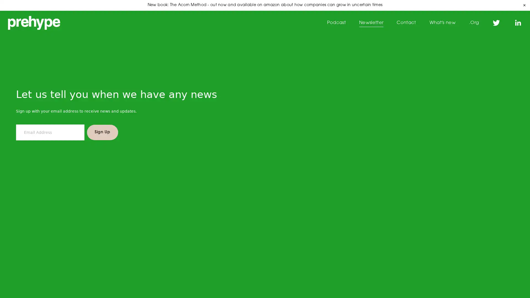 The height and width of the screenshot is (298, 530). Describe the element at coordinates (102, 137) in the screenshot. I see `Sign Up` at that location.